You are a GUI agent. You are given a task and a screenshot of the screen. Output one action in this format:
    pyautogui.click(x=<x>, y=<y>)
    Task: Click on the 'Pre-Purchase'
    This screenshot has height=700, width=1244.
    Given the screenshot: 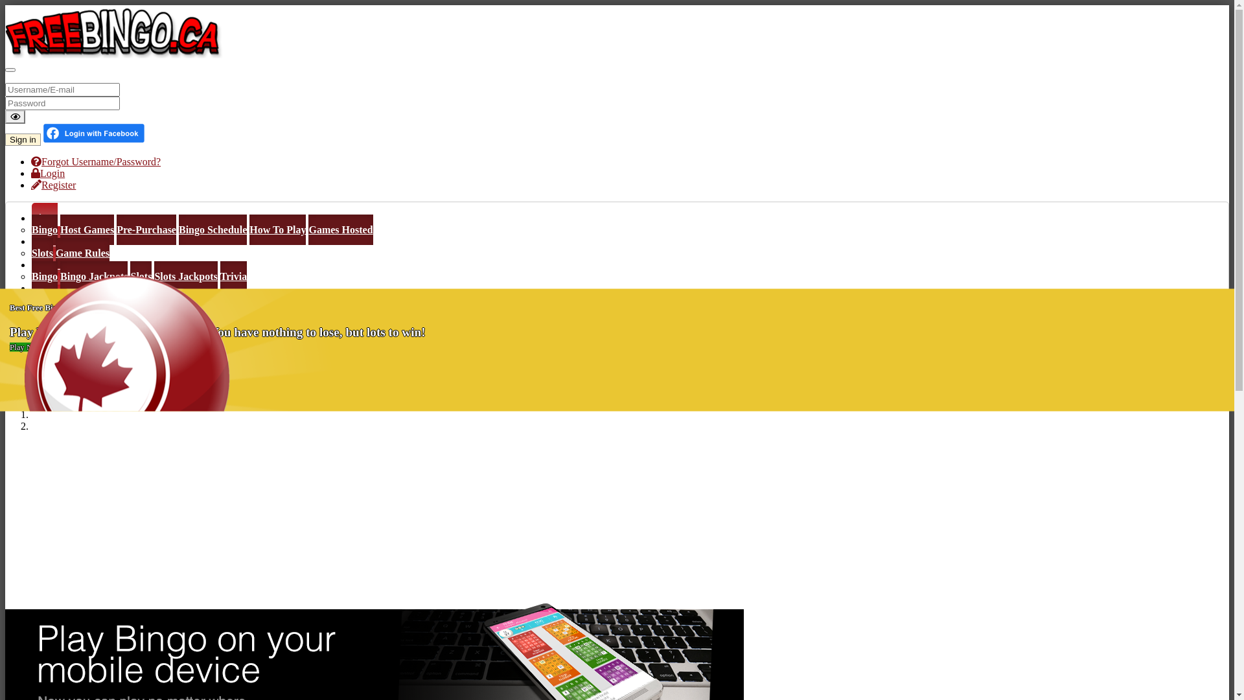 What is the action you would take?
    pyautogui.click(x=146, y=229)
    